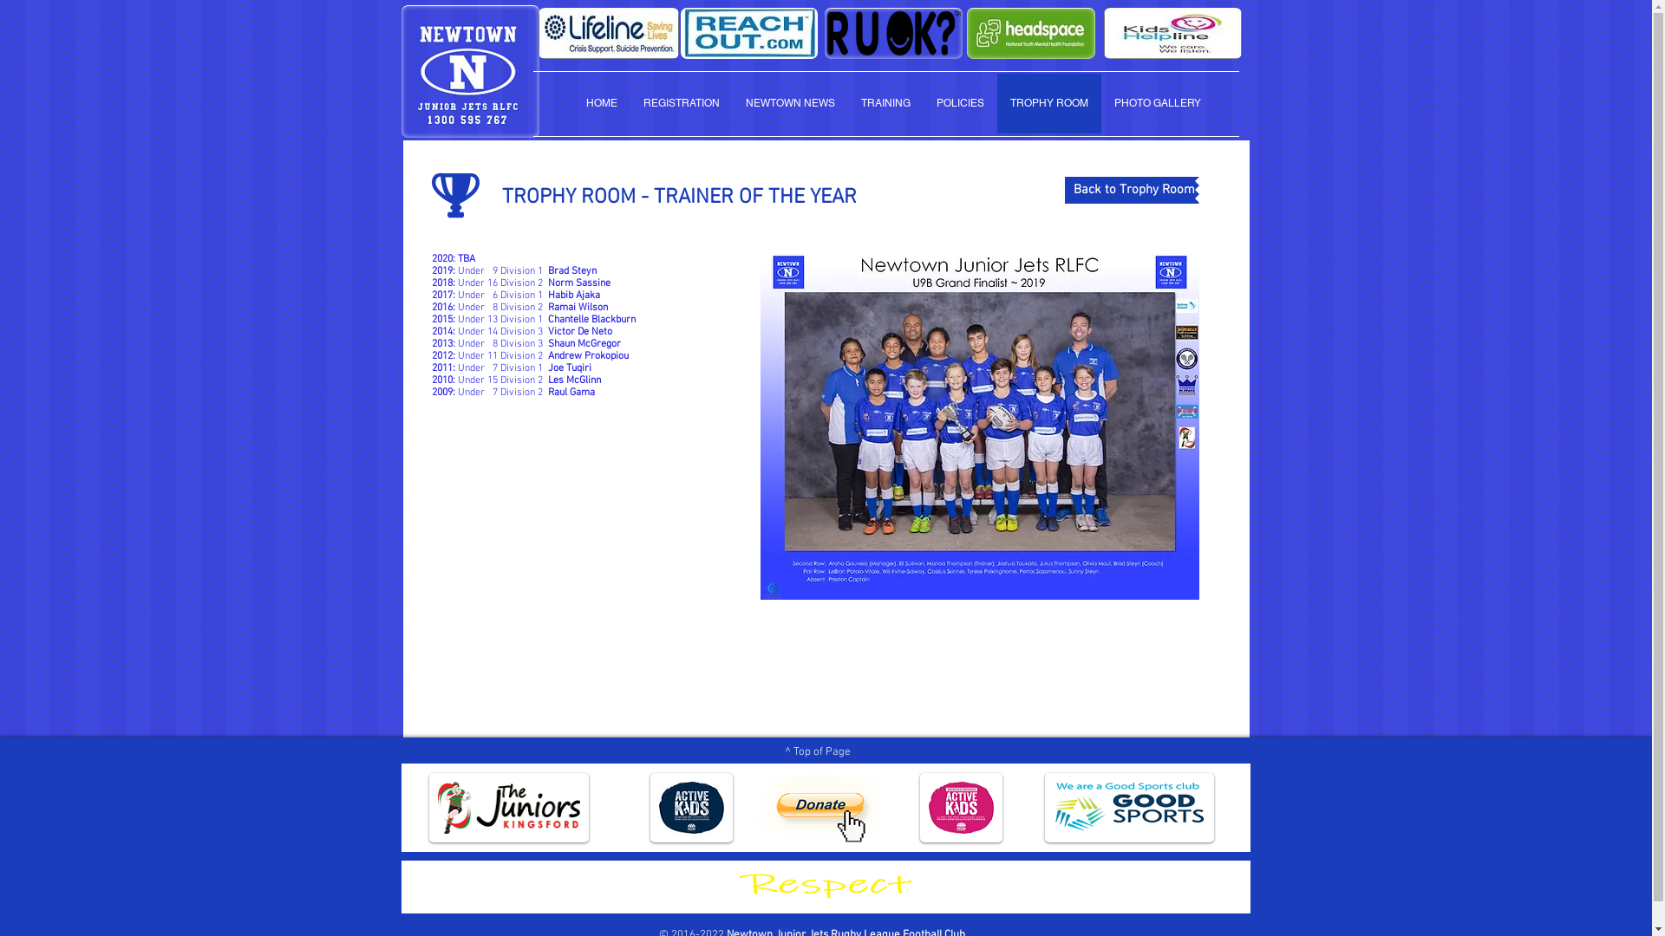 The width and height of the screenshot is (1665, 936). Describe the element at coordinates (748, 33) in the screenshot. I see `'reach-out.jpg'` at that location.